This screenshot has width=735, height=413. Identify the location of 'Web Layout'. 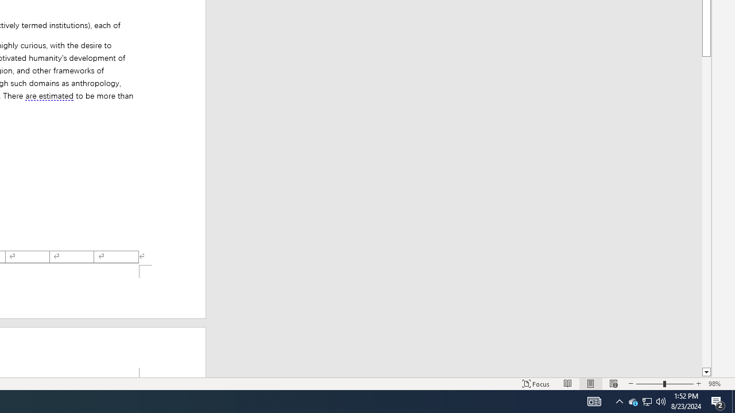
(613, 384).